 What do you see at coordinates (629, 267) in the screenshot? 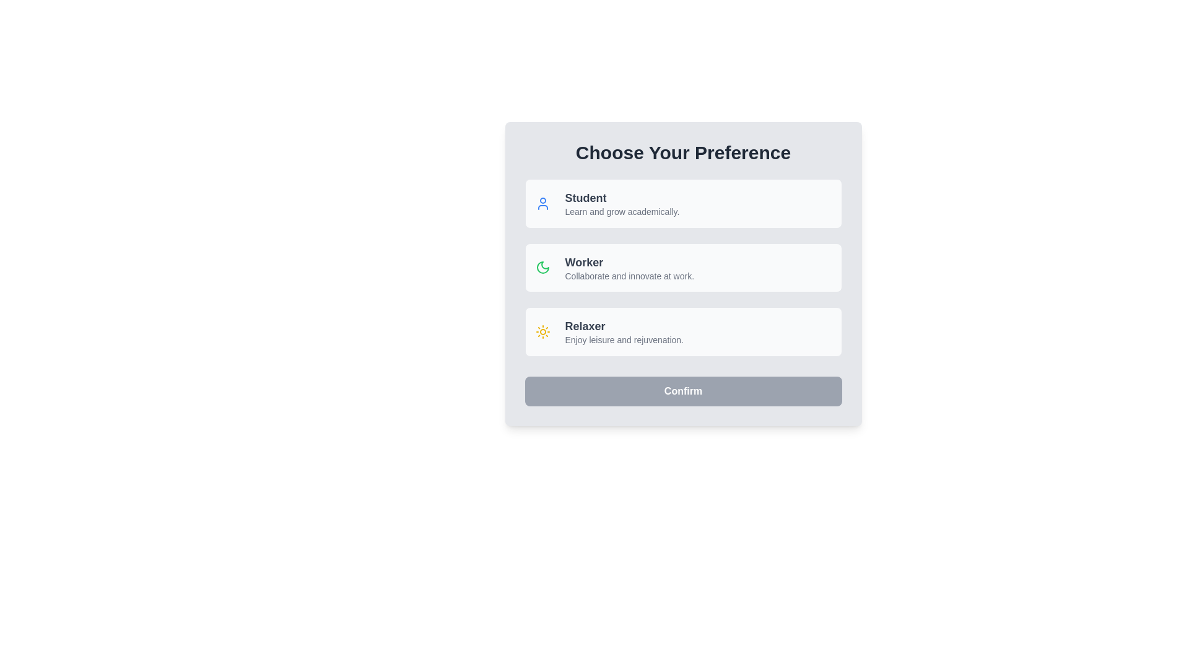
I see `descriptive text label for the 'Worker' option, which is the second choice in a vertical list of options between 'Student' and 'Relaxer.'` at bounding box center [629, 267].